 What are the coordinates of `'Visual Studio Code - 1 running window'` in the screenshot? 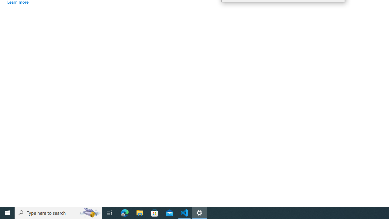 It's located at (184, 212).